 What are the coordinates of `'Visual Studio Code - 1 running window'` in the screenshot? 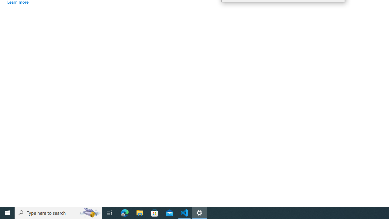 It's located at (184, 212).